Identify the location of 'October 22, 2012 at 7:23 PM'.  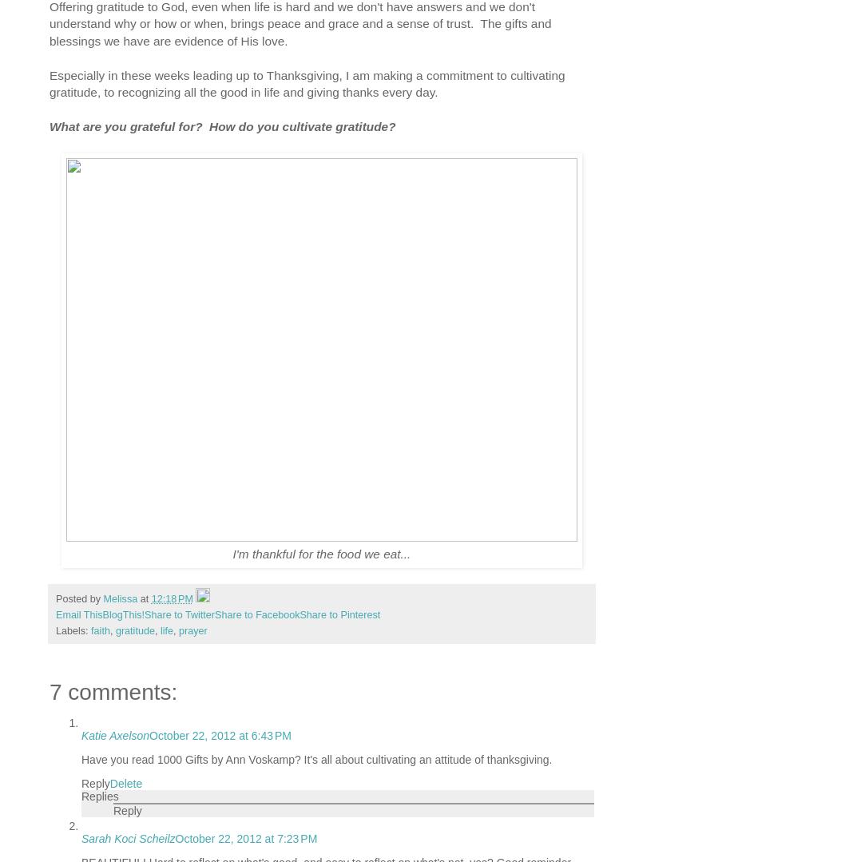
(244, 837).